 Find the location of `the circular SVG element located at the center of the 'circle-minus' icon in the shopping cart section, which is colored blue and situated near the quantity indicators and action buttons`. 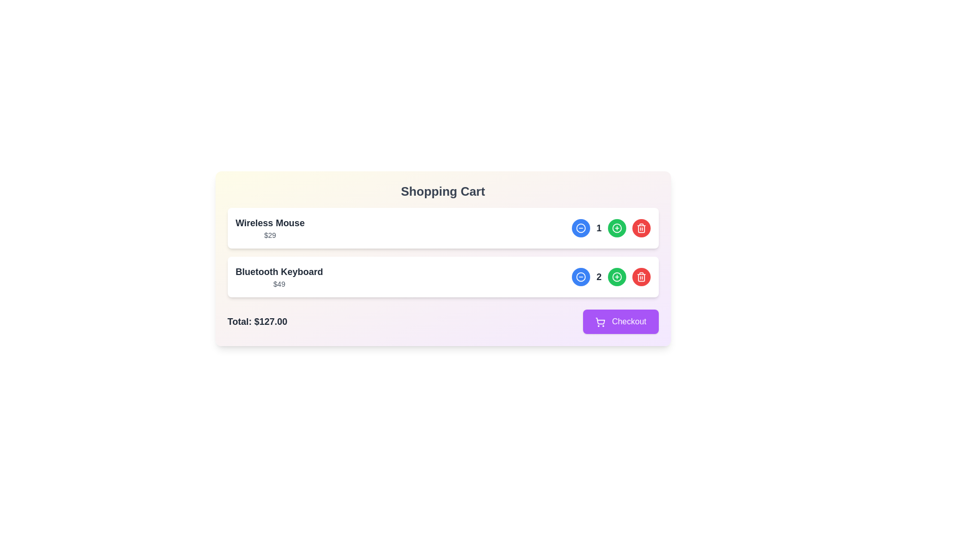

the circular SVG element located at the center of the 'circle-minus' icon in the shopping cart section, which is colored blue and situated near the quantity indicators and action buttons is located at coordinates (581, 227).